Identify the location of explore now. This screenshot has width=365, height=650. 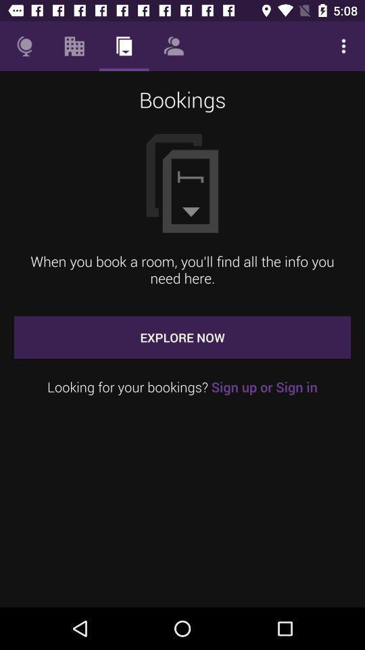
(182, 337).